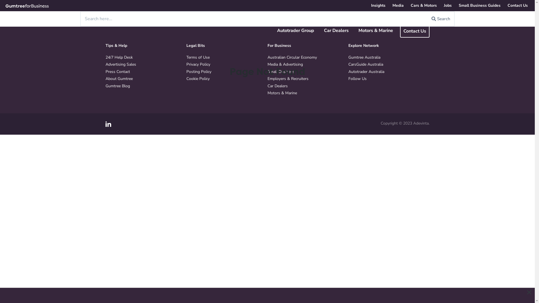 This screenshot has width=539, height=303. I want to click on 'Privacy Policy', so click(198, 64).